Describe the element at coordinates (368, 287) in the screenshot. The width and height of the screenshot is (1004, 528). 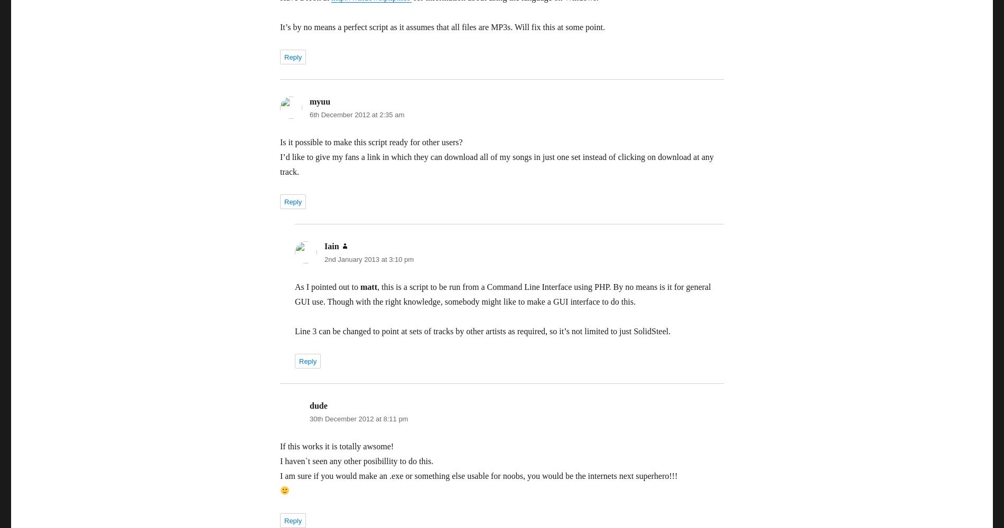
I see `'matt'` at that location.